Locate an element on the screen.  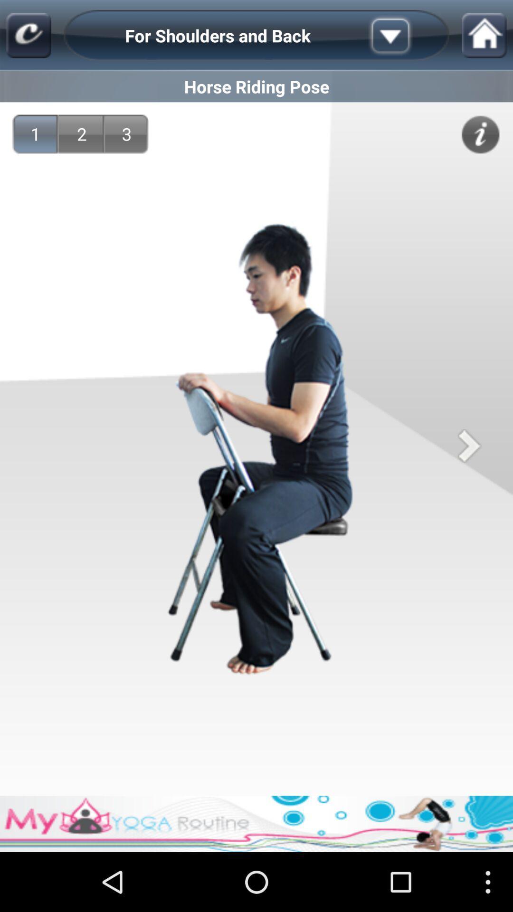
information is located at coordinates (480, 134).